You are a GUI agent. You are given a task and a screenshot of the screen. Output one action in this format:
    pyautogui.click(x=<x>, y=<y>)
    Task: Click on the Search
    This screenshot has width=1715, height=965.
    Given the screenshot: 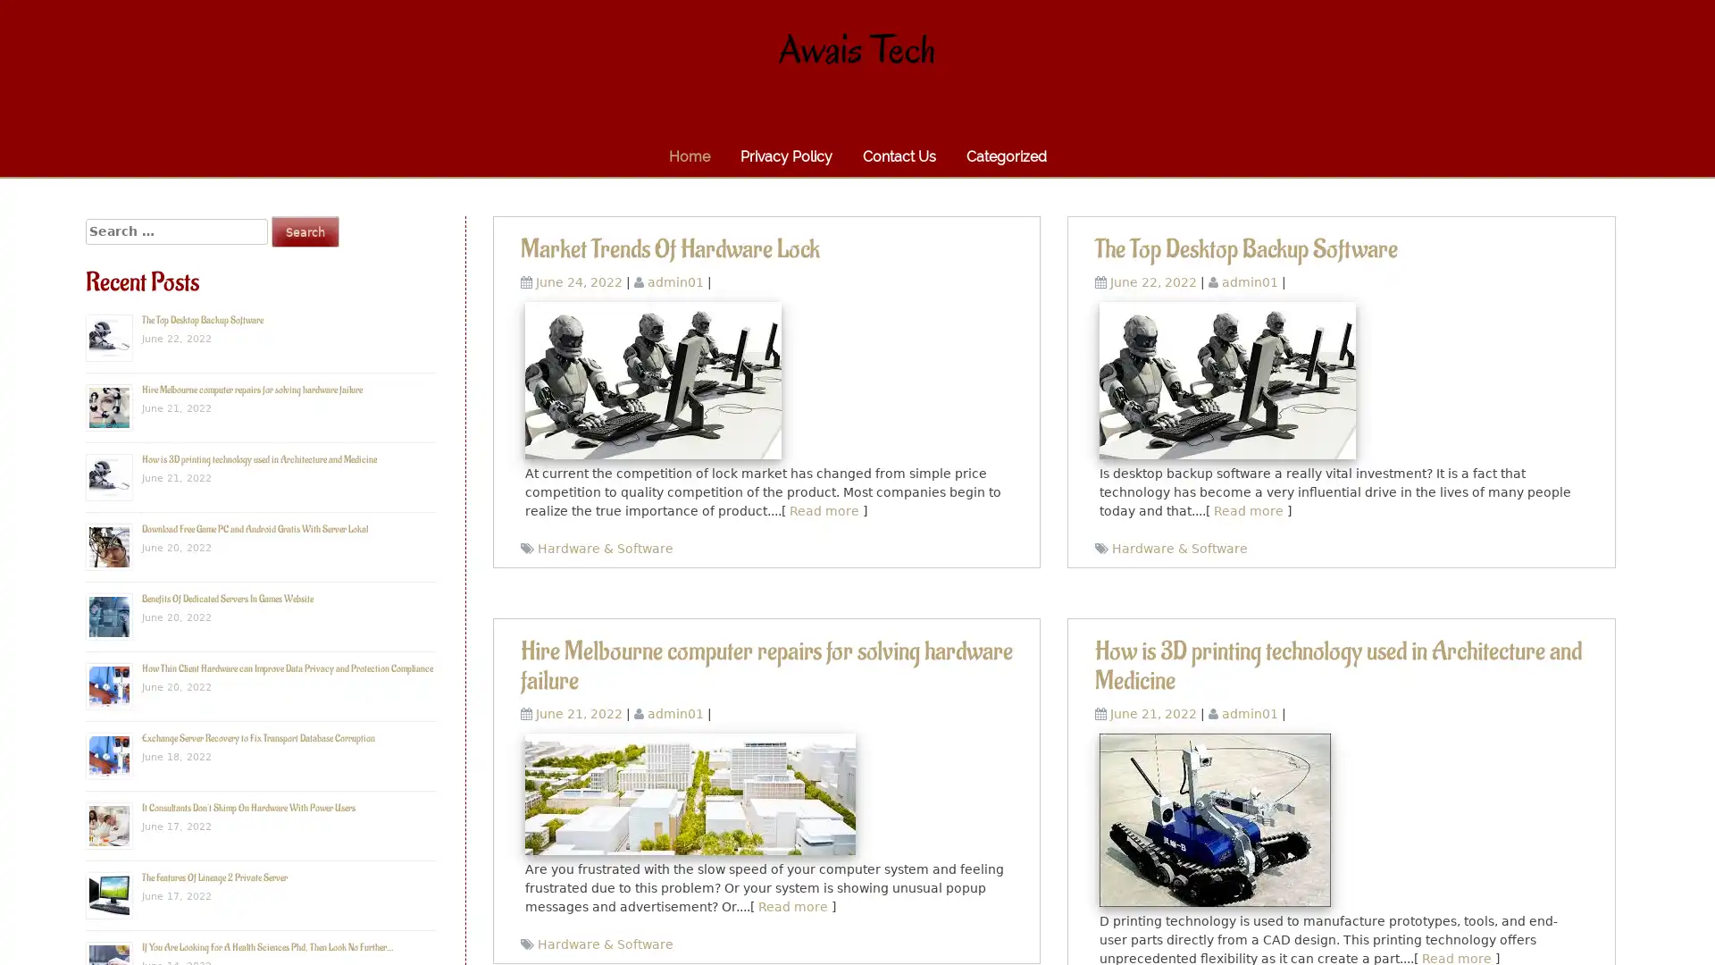 What is the action you would take?
    pyautogui.click(x=305, y=231)
    